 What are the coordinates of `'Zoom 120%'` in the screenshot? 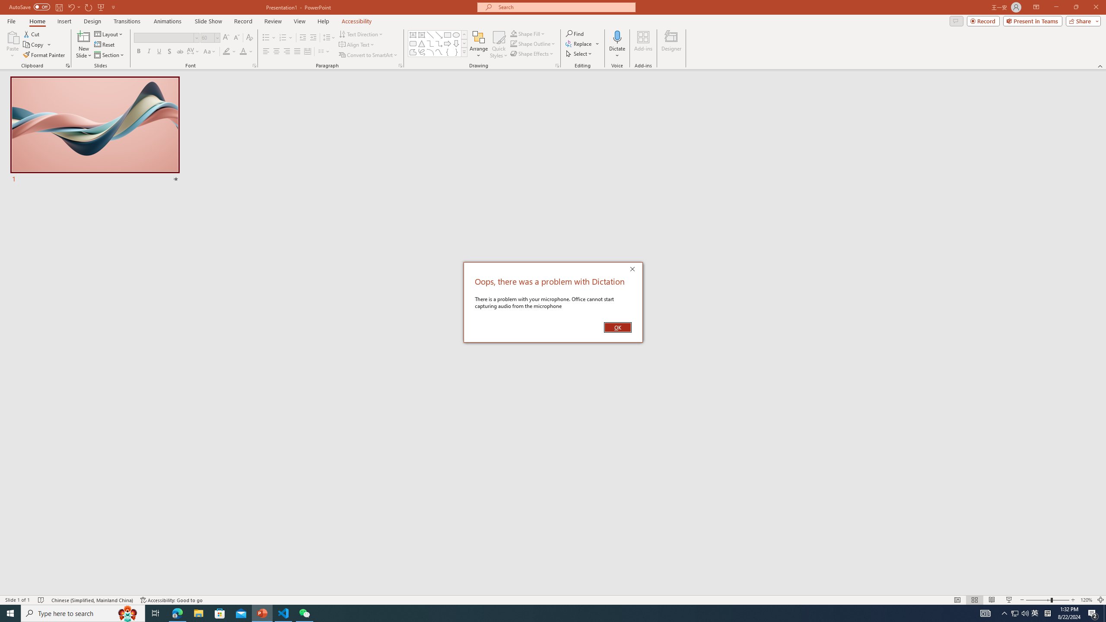 It's located at (1087, 600).